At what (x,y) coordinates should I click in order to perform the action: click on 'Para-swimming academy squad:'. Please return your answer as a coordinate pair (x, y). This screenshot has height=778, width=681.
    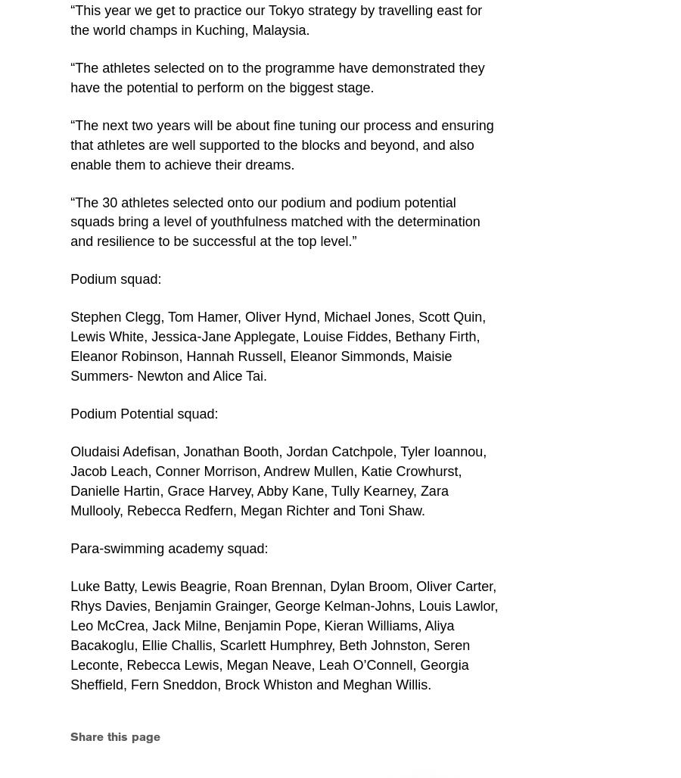
    Looking at the image, I should click on (169, 548).